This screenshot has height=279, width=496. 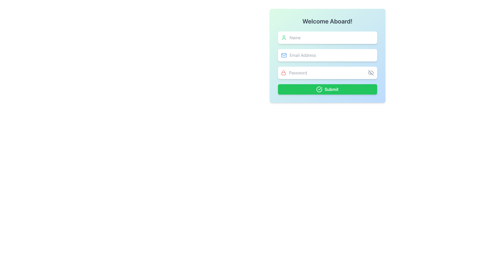 I want to click on the decorative SVG checkmark icon located within the 'Submit' button, positioned to the left of the text label 'Submit', so click(x=320, y=88).